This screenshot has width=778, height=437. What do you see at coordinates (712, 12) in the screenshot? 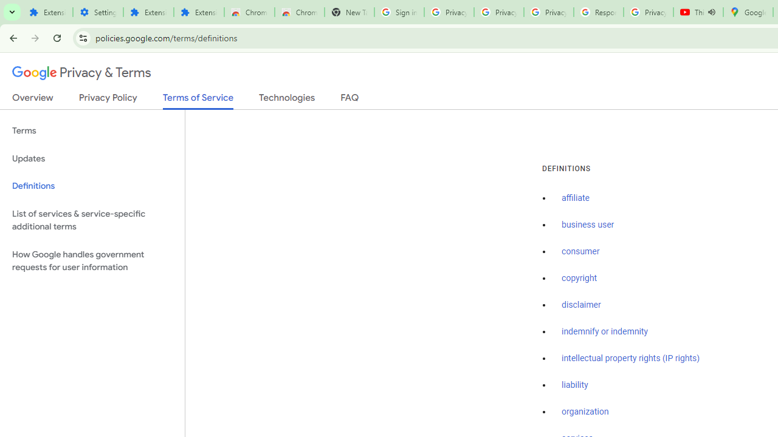
I see `'Mute tab'` at bounding box center [712, 12].